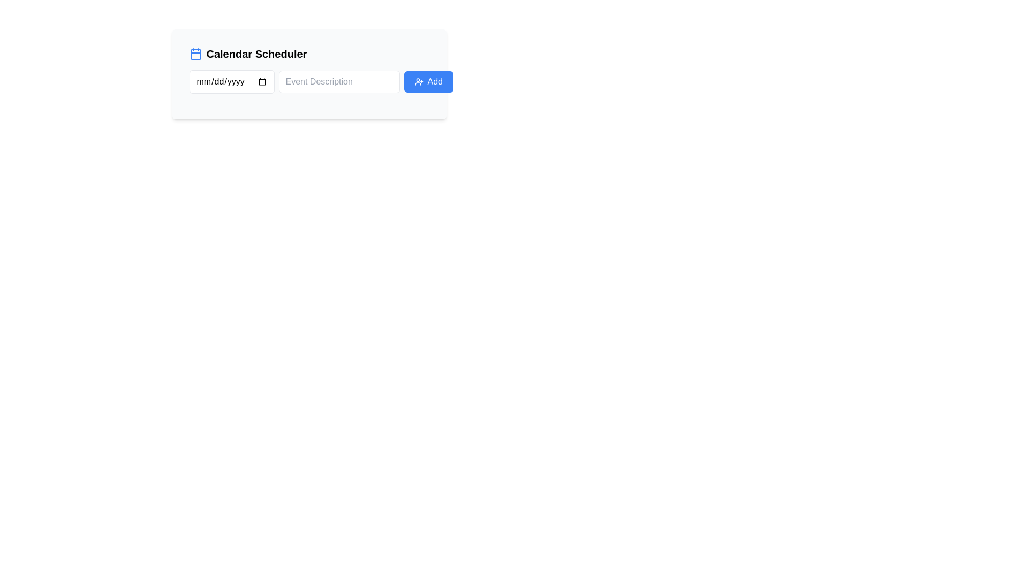 This screenshot has height=578, width=1028. Describe the element at coordinates (231, 81) in the screenshot. I see `the Date Input Field, which is the first element in a horizontal layout group containing two input fields and a button, to focus on it` at that location.